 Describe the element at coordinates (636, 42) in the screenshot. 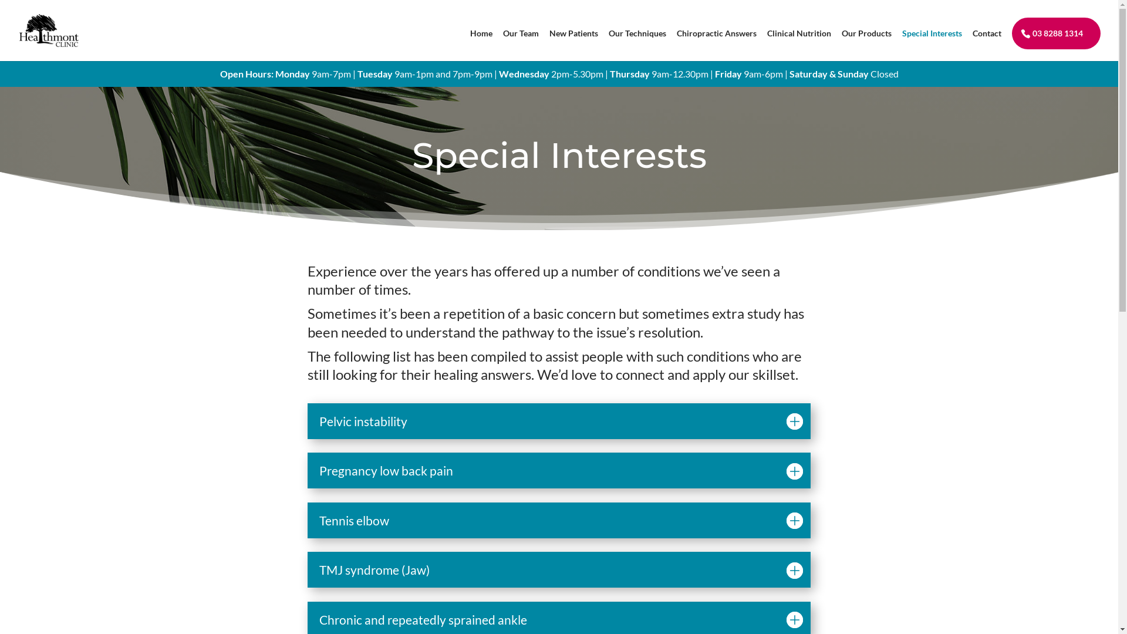

I see `'Our Techniques'` at that location.